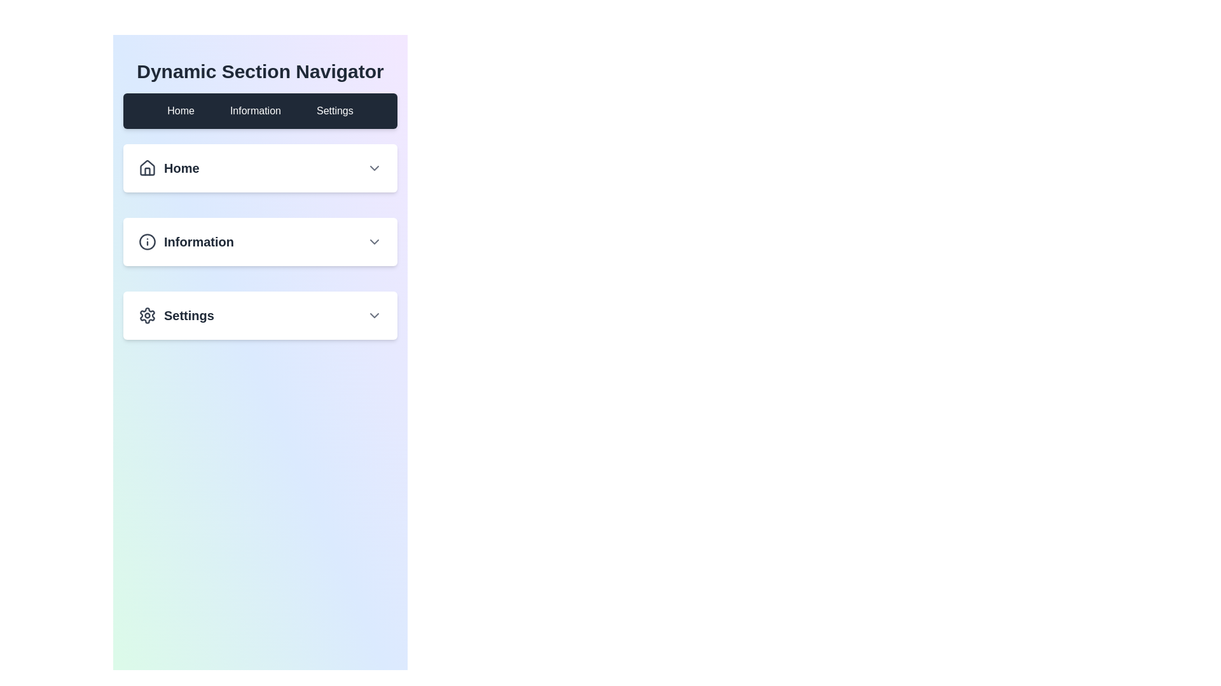 This screenshot has height=686, width=1221. I want to click on the Interactive section with expandable content labeled 'Information', so click(259, 242).